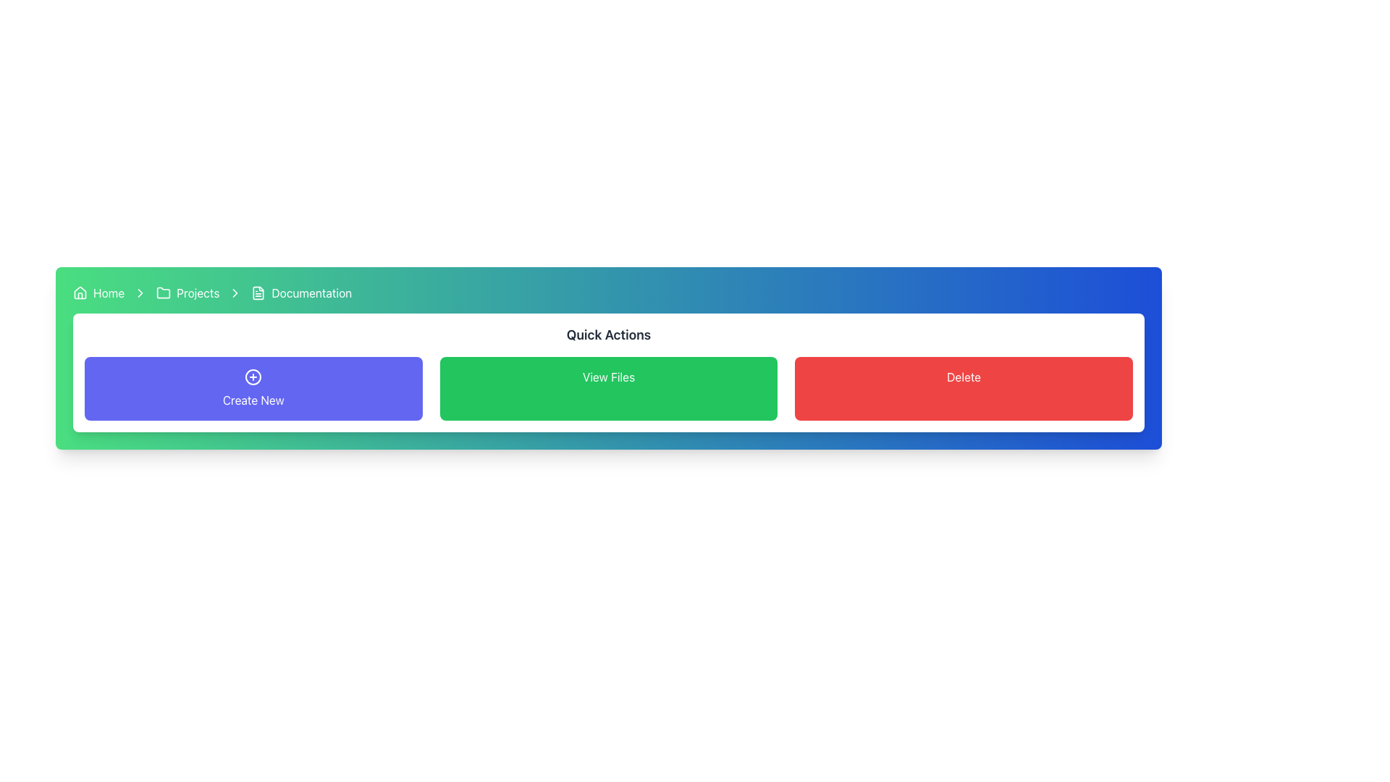 The height and width of the screenshot is (782, 1390). Describe the element at coordinates (253, 400) in the screenshot. I see `the text label located at the bottom center of the blue button labeled 'Create New' in the 'Quick Actions' section` at that location.